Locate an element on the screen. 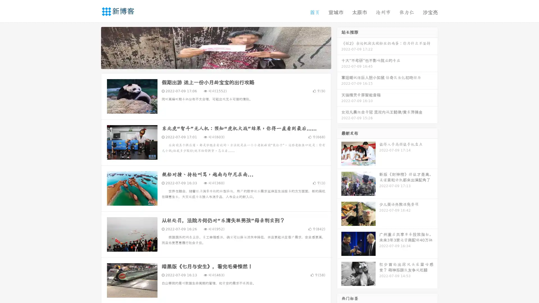 The height and width of the screenshot is (303, 539). Go to slide 1 is located at coordinates (210, 63).